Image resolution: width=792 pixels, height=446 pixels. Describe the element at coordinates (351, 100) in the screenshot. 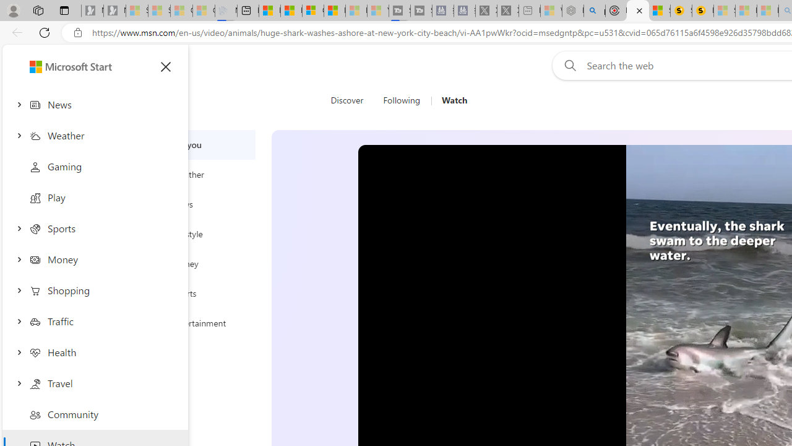

I see `'Discover'` at that location.